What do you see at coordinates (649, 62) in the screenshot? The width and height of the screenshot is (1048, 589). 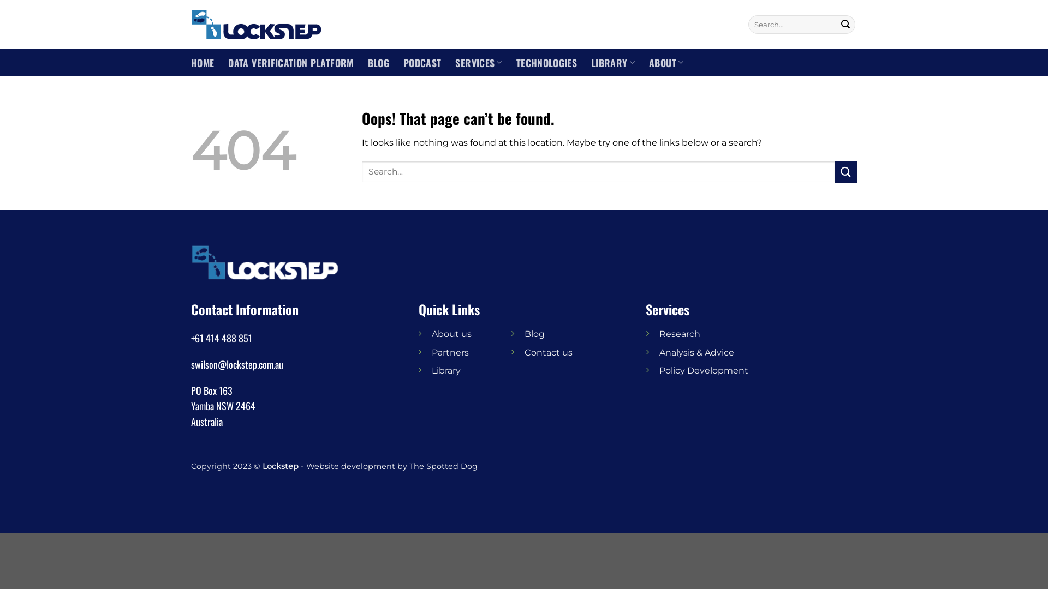 I see `'ABOUT'` at bounding box center [649, 62].